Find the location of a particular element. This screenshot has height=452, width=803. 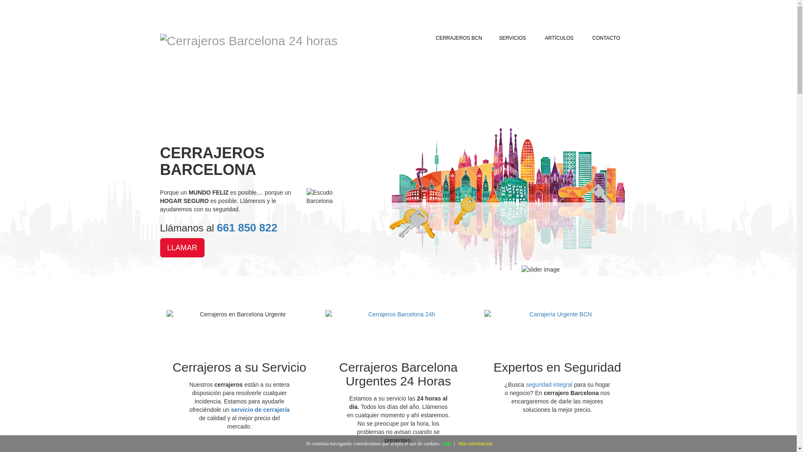

'SERVICIOS' is located at coordinates (513, 38).